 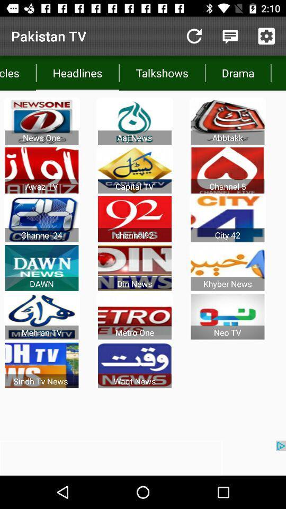 I want to click on settings, so click(x=266, y=36).